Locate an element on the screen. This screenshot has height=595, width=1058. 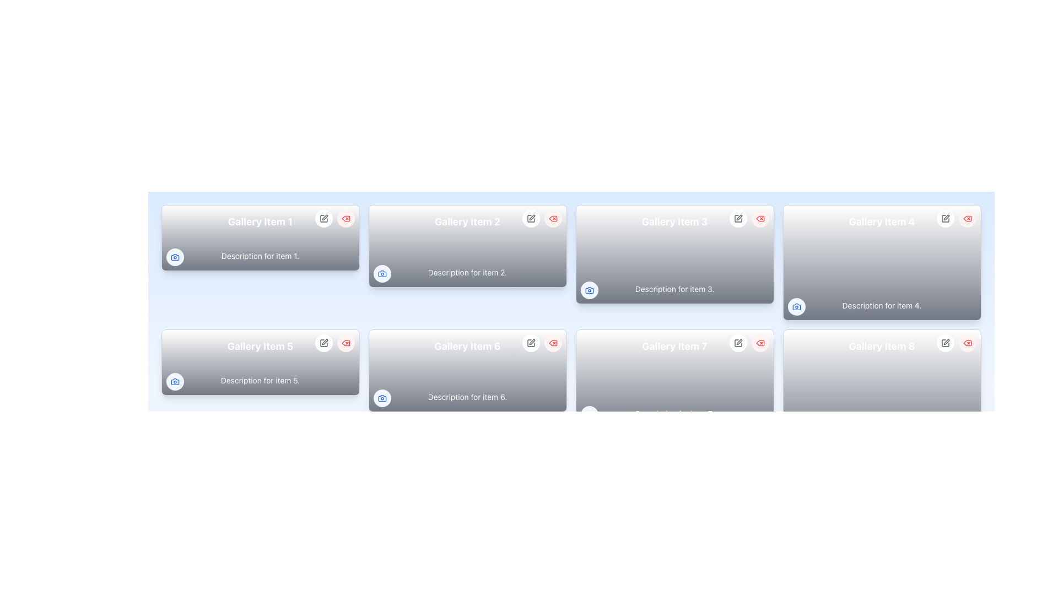
bold, large-sized text labeled 'Gallery Item 7' which is prominently displayed in a rectangular card within a grid layout is located at coordinates (674, 345).